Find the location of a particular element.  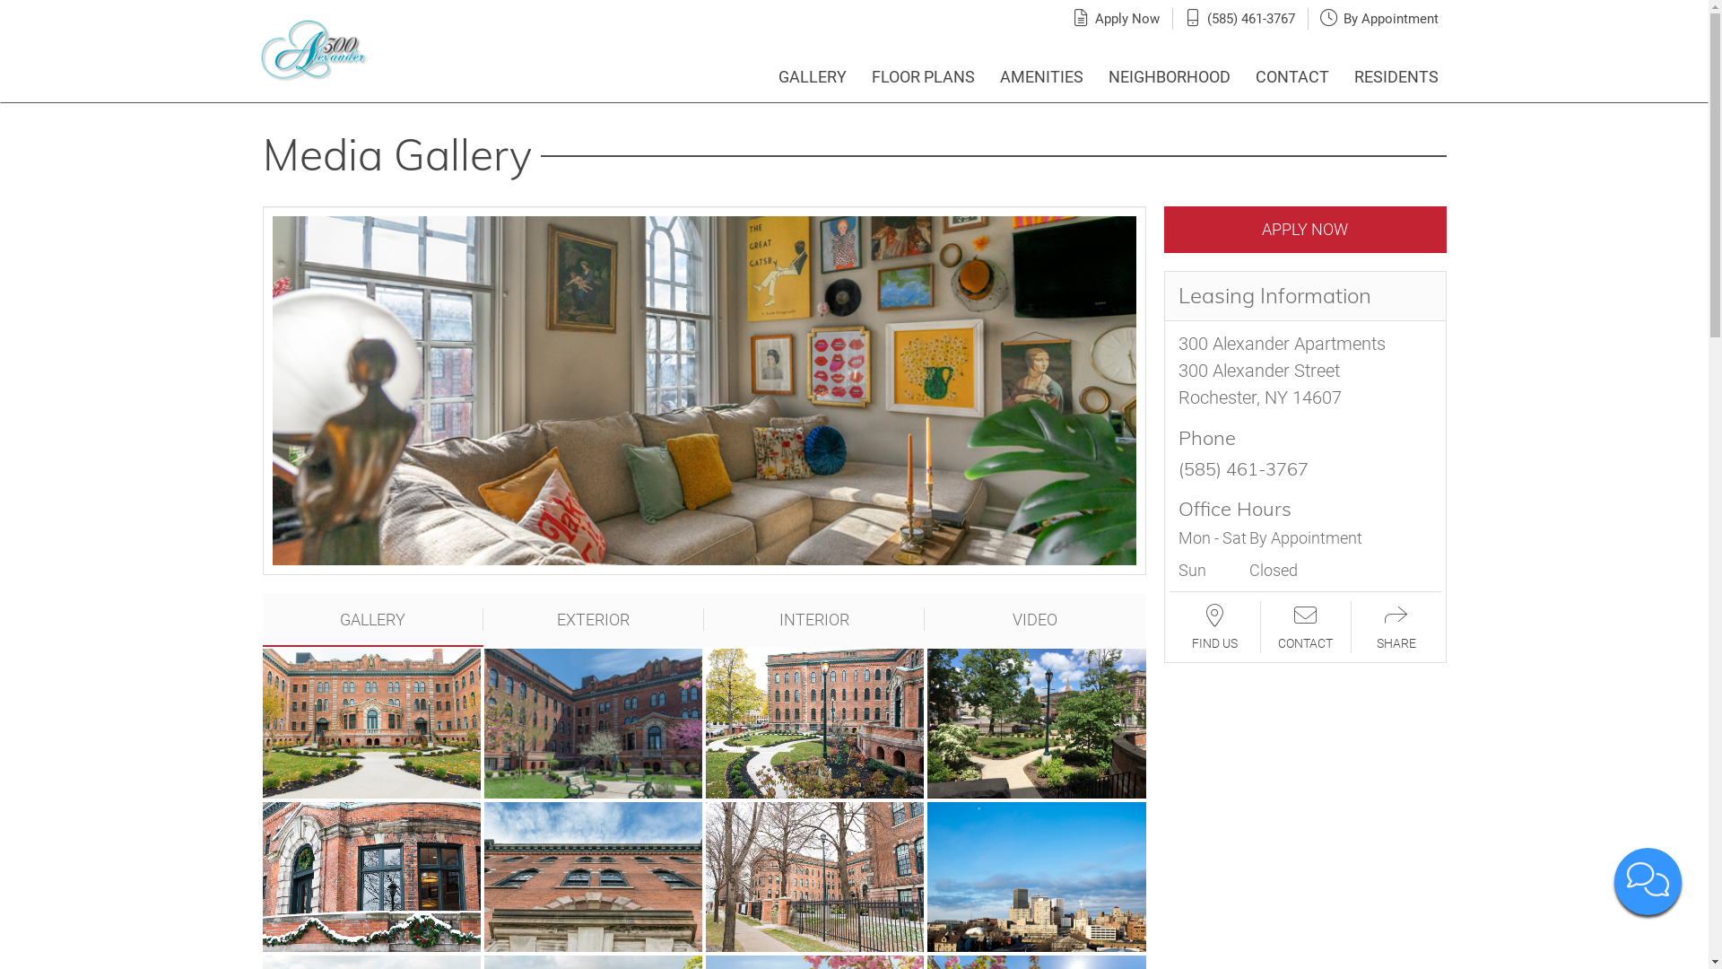

'FLOOR PLANS' is located at coordinates (923, 68).